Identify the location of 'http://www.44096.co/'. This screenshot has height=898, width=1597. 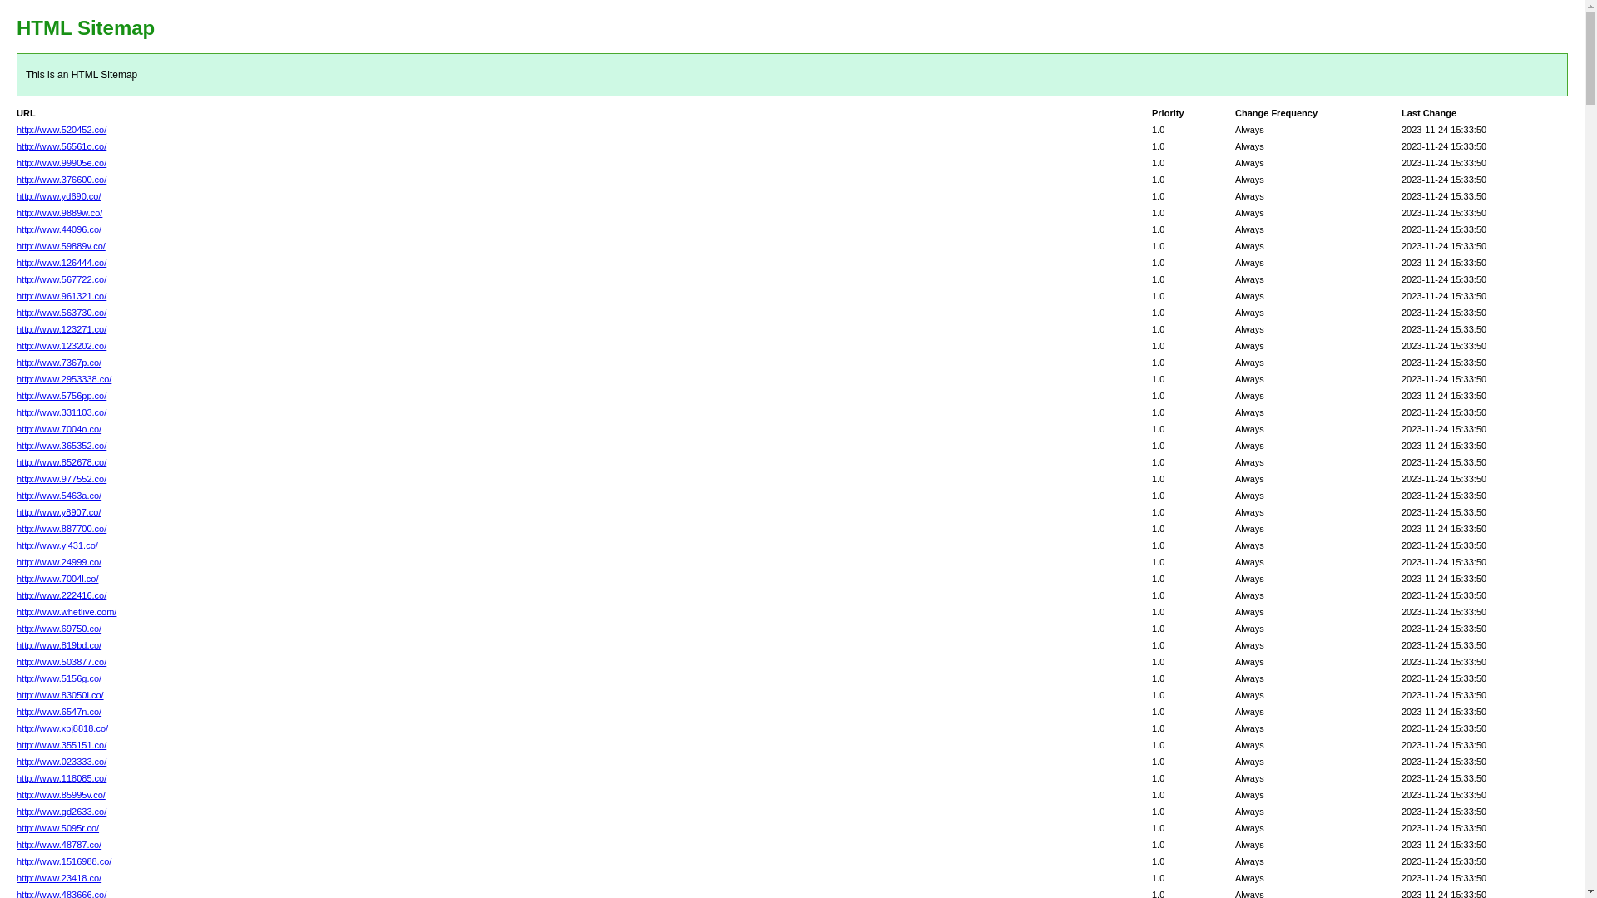
(16, 229).